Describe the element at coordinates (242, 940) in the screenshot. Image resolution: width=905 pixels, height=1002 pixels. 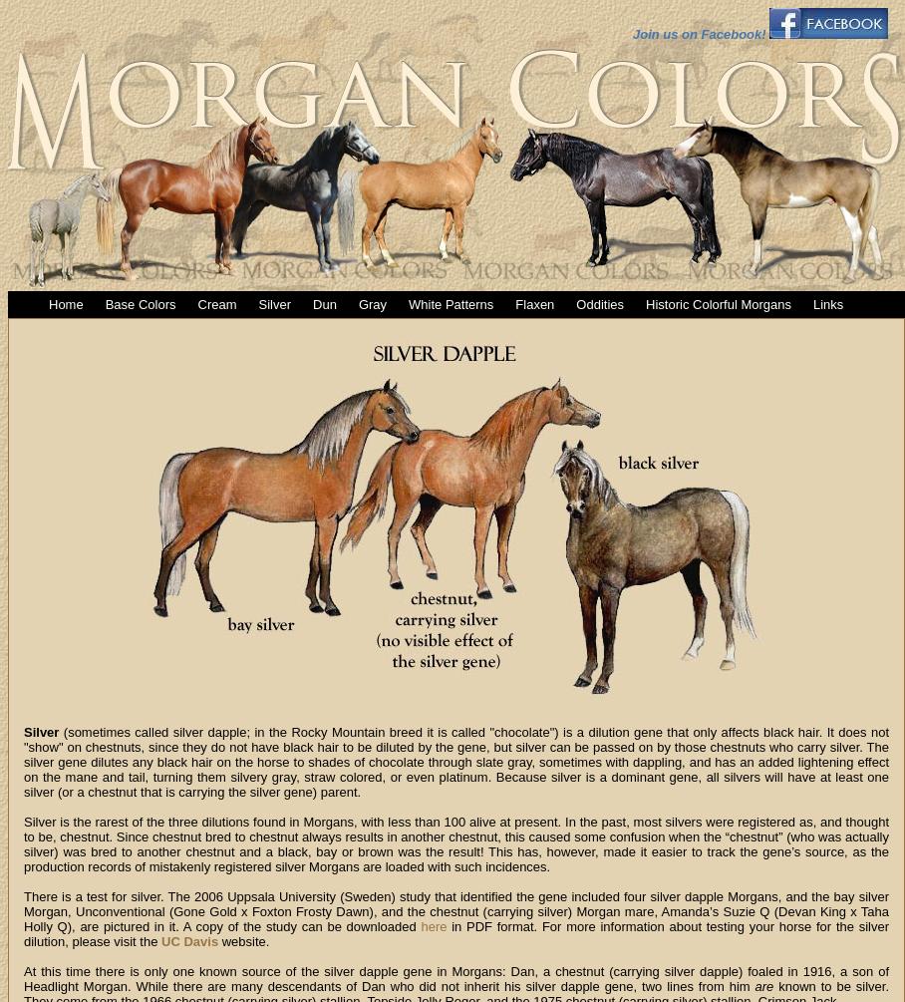
I see `'website.'` at that location.